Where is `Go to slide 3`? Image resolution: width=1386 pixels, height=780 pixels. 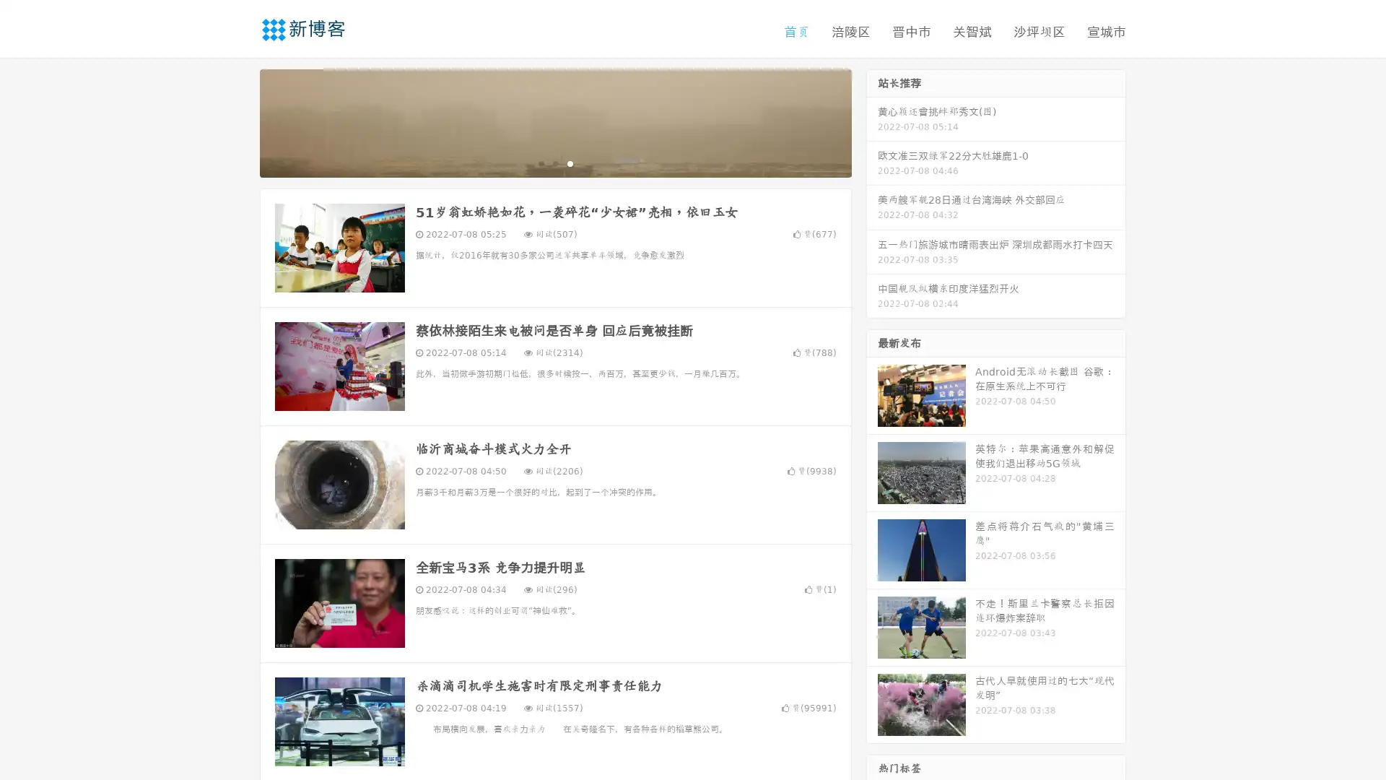 Go to slide 3 is located at coordinates (570, 162).